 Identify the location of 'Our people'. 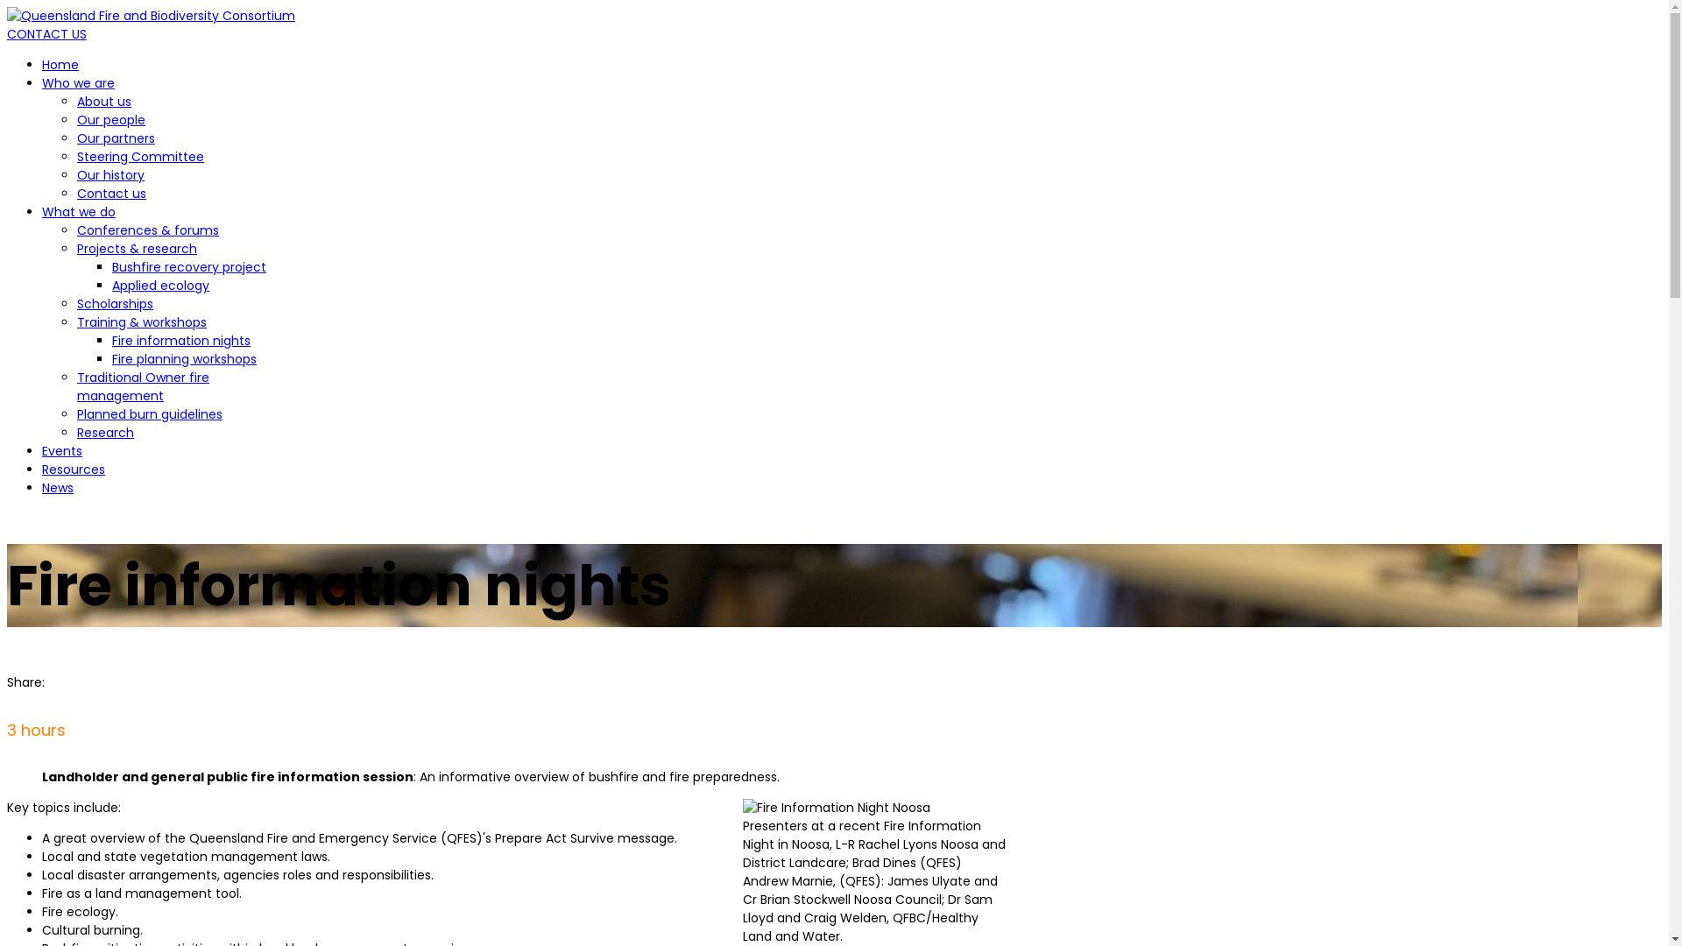
(110, 119).